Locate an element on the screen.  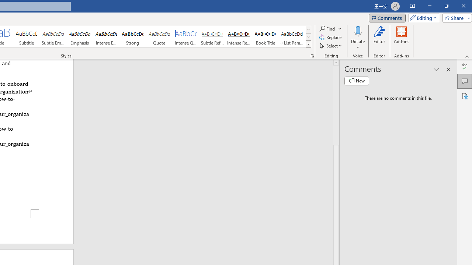
'Editing' is located at coordinates (422, 17).